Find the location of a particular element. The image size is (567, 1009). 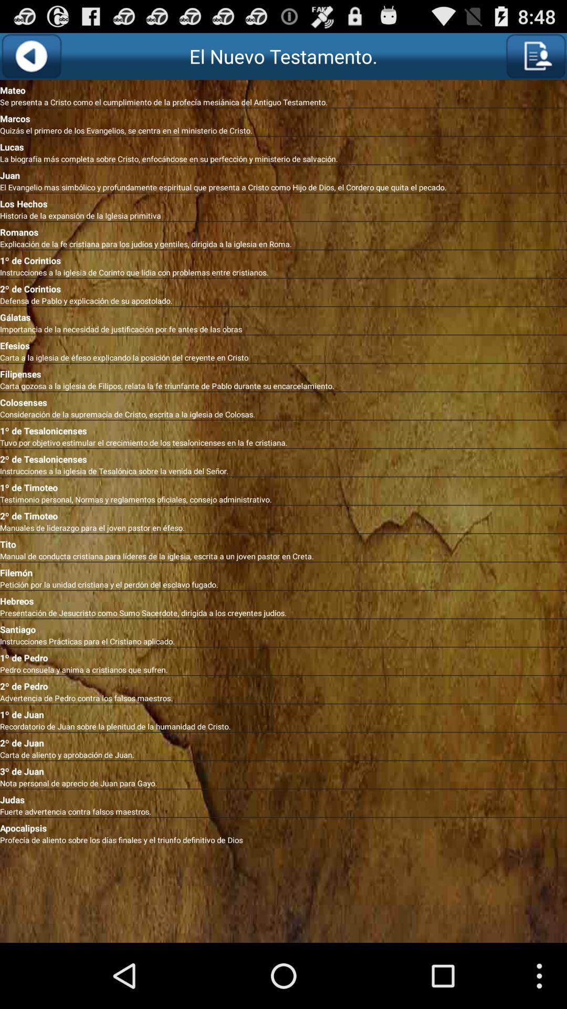

the app above the carta a la item is located at coordinates (283, 343).